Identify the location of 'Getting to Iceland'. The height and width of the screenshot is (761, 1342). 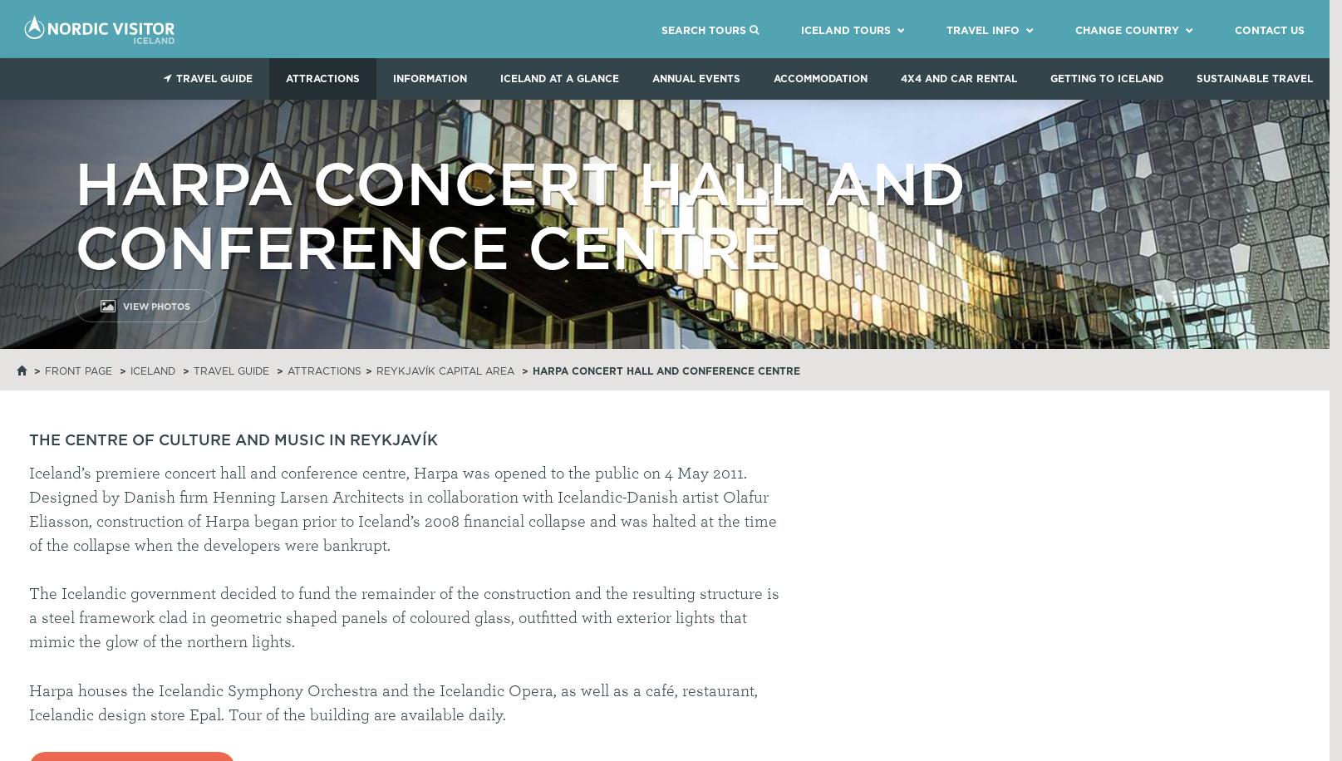
(1107, 77).